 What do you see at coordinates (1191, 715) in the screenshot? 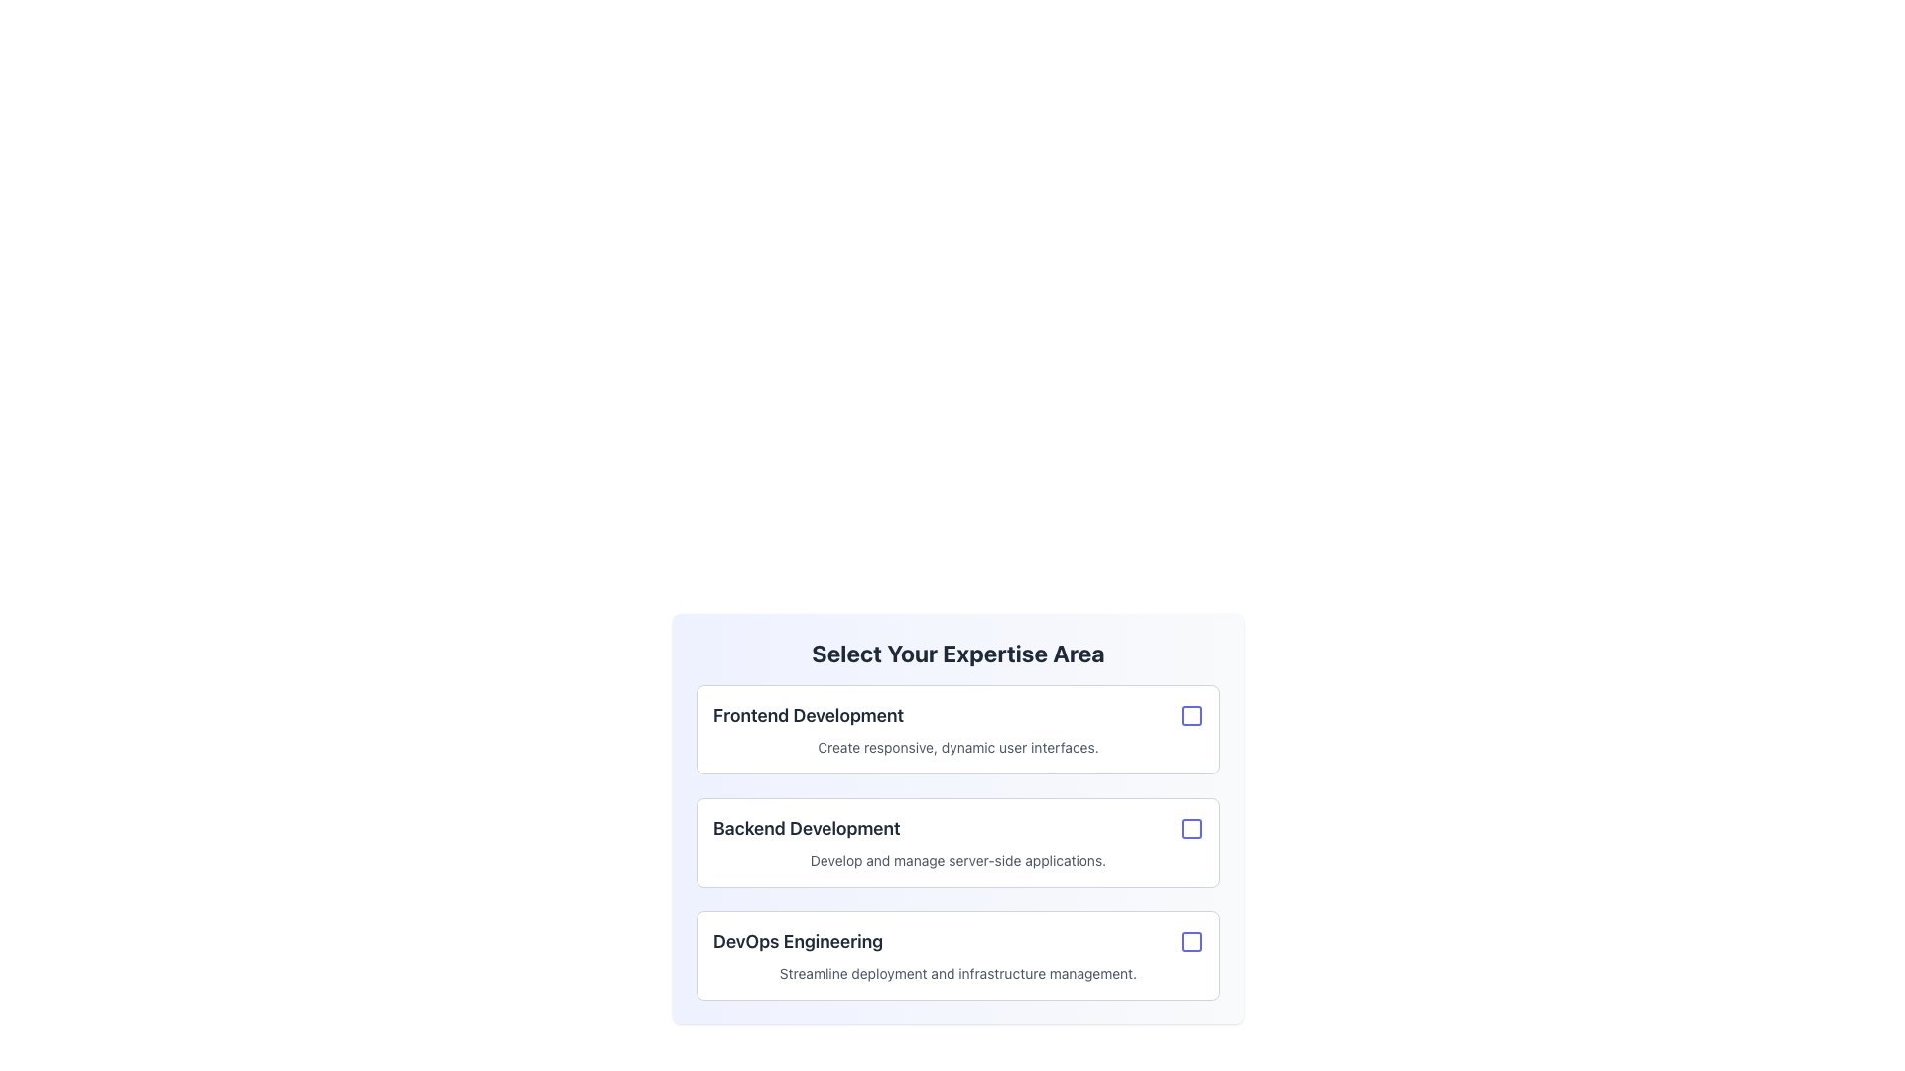
I see `the graphical component indicating selection status within the 'Frontend Development' selection box in the 'Select Your Expertise Area' UI segment` at bounding box center [1191, 715].